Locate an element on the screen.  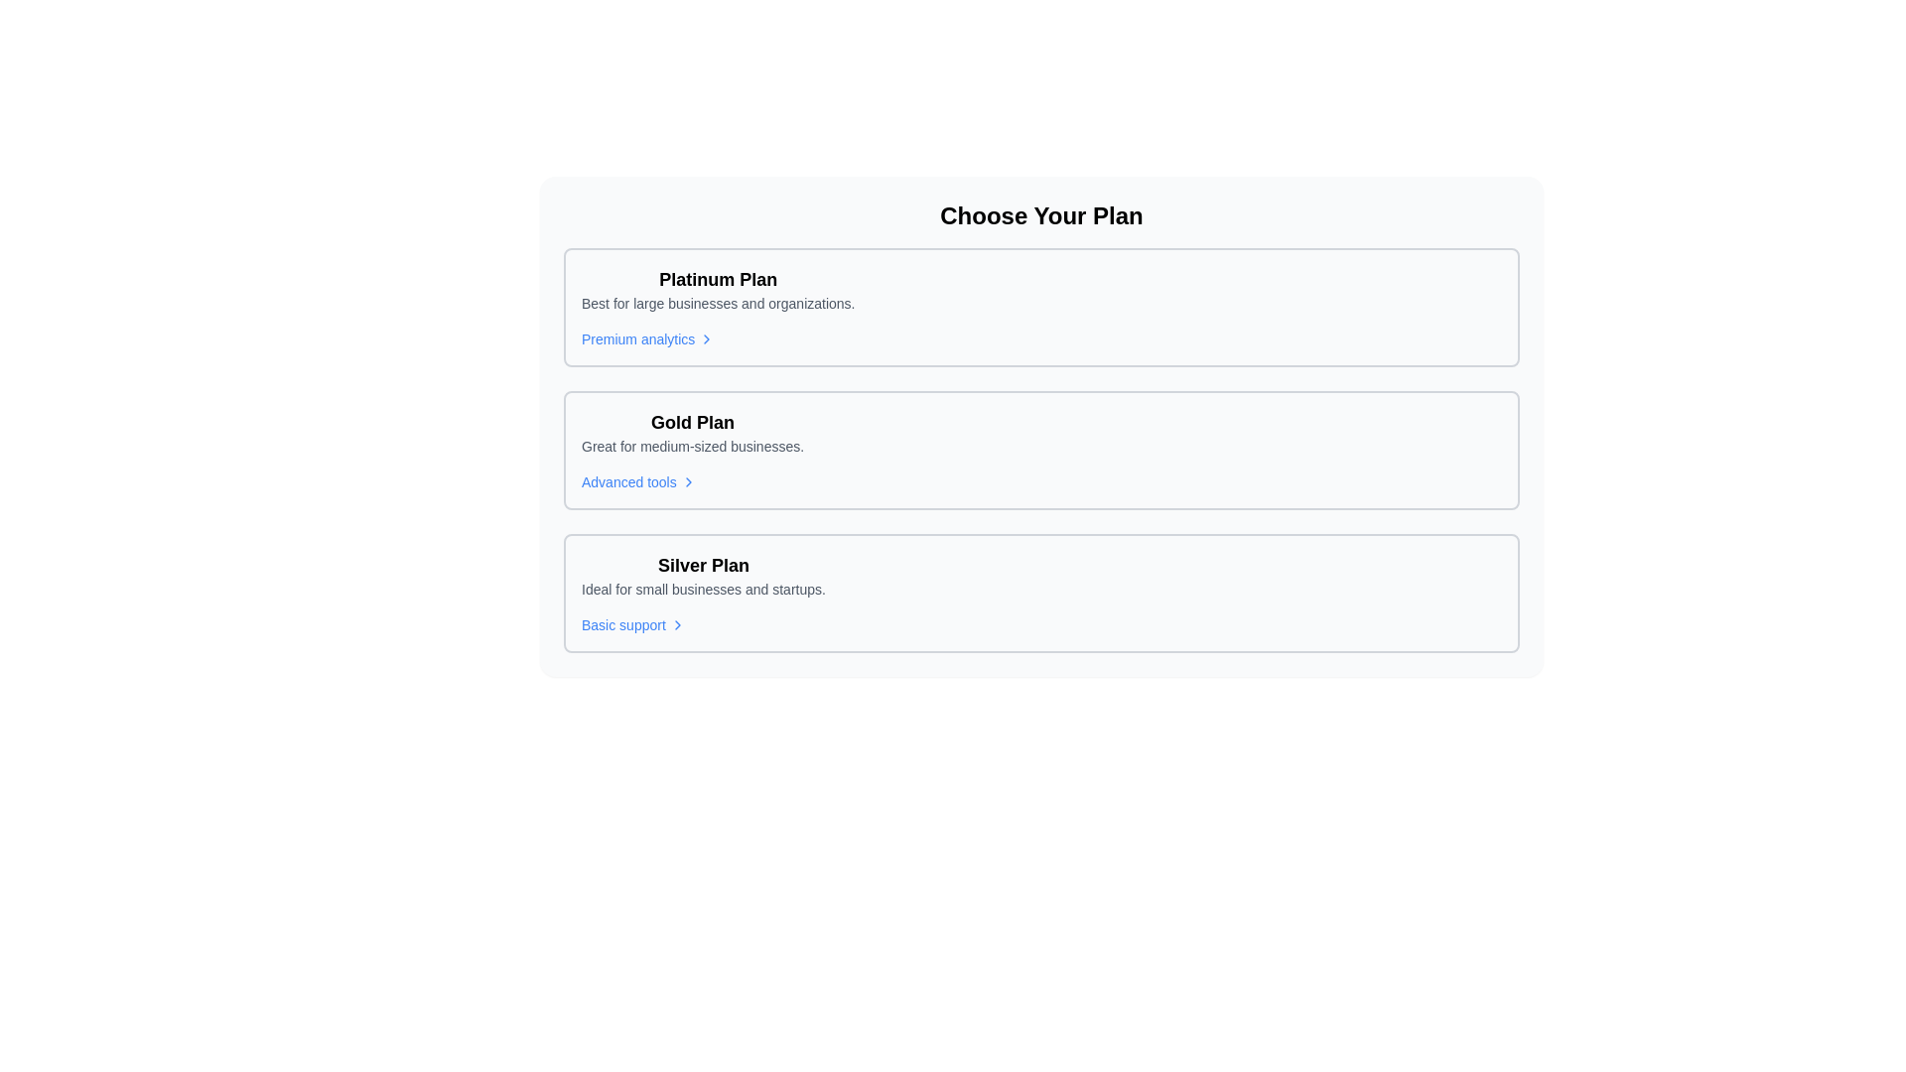
the non-interactive header text label that introduces the section for selecting a plan is located at coordinates (1040, 216).